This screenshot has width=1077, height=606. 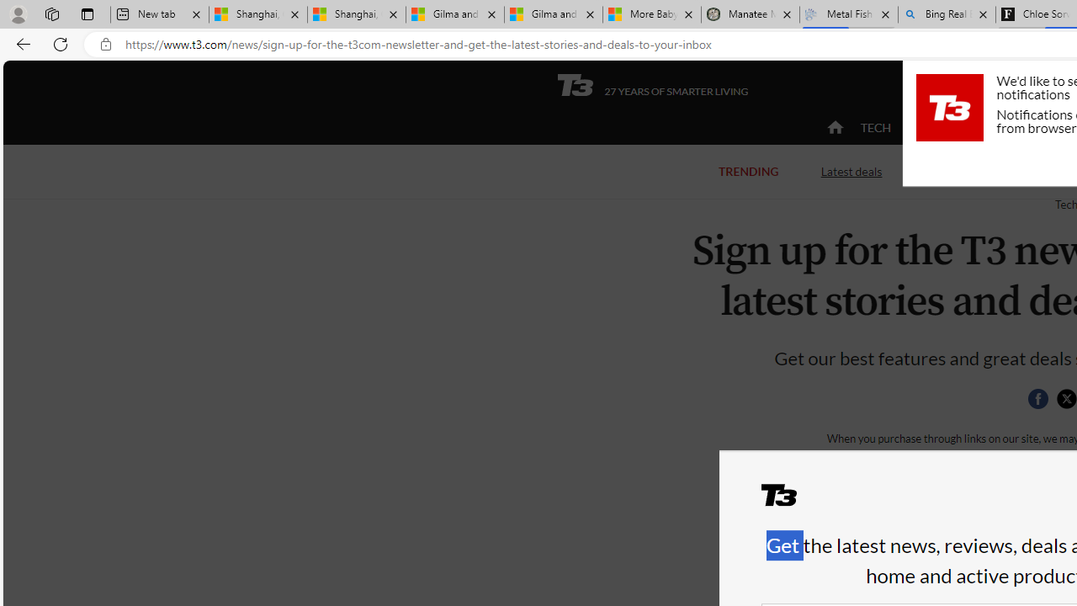 What do you see at coordinates (851, 172) in the screenshot?
I see `'Latest deals'` at bounding box center [851, 172].